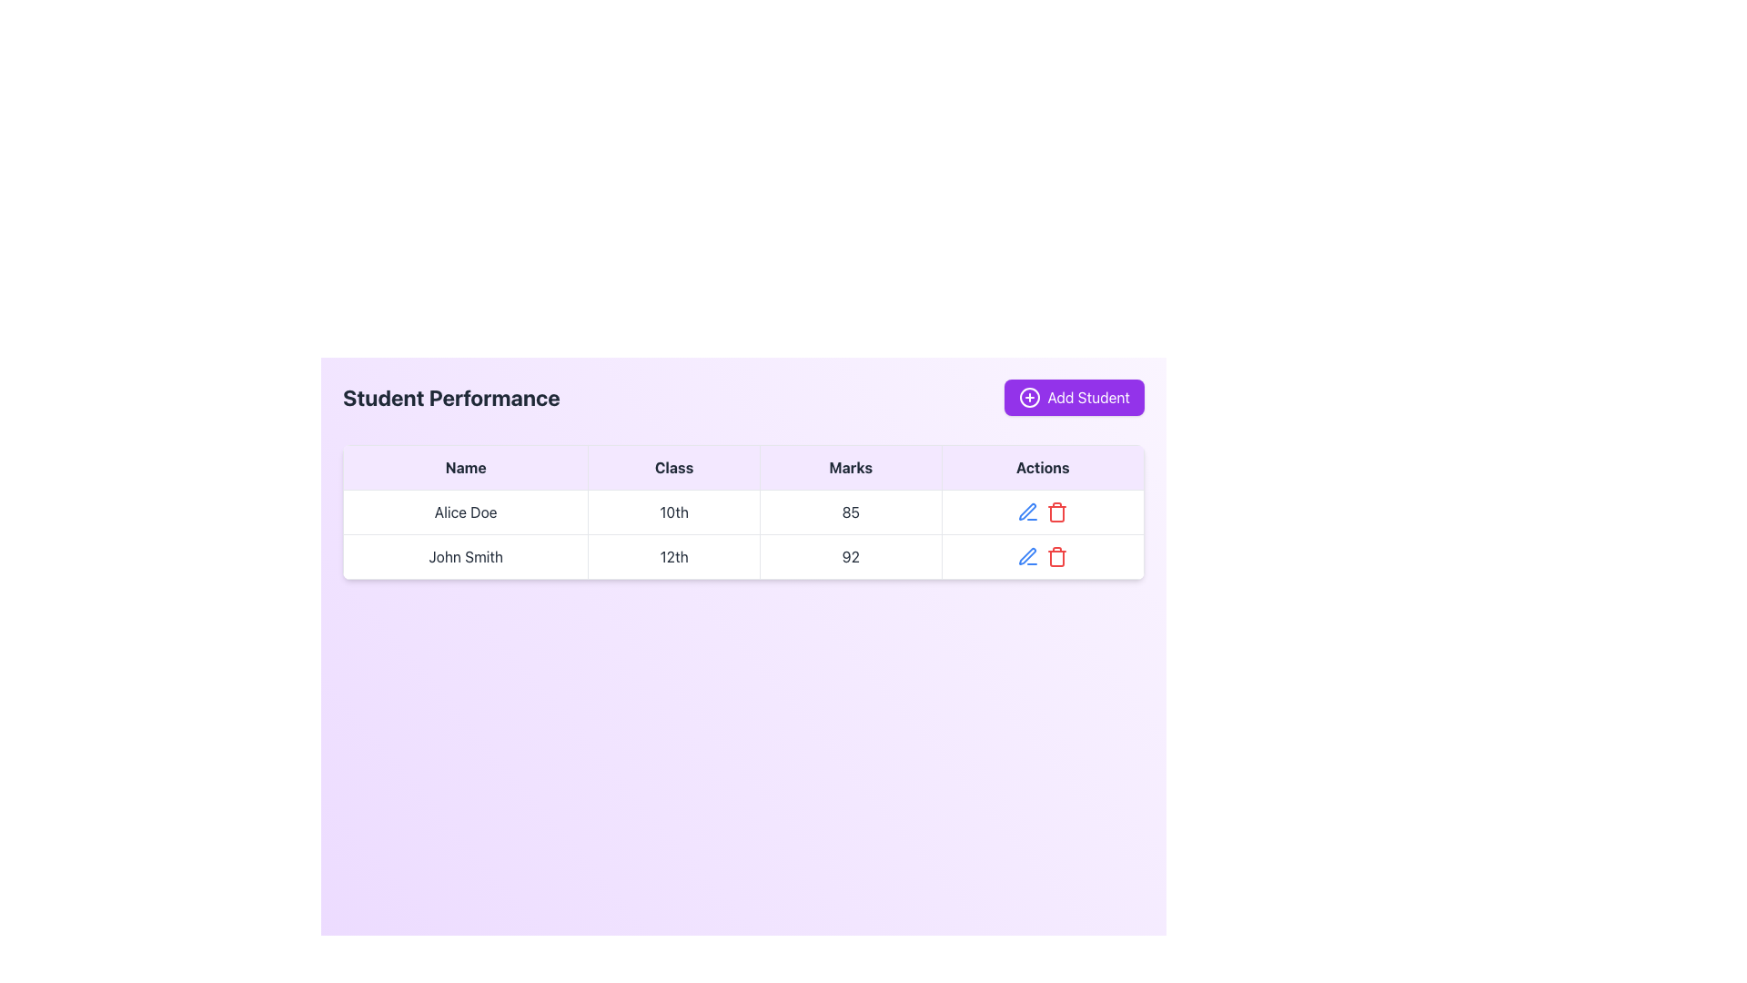  I want to click on the red trash icon located in the 'Actions' column of the second row of the data table, so click(1057, 512).